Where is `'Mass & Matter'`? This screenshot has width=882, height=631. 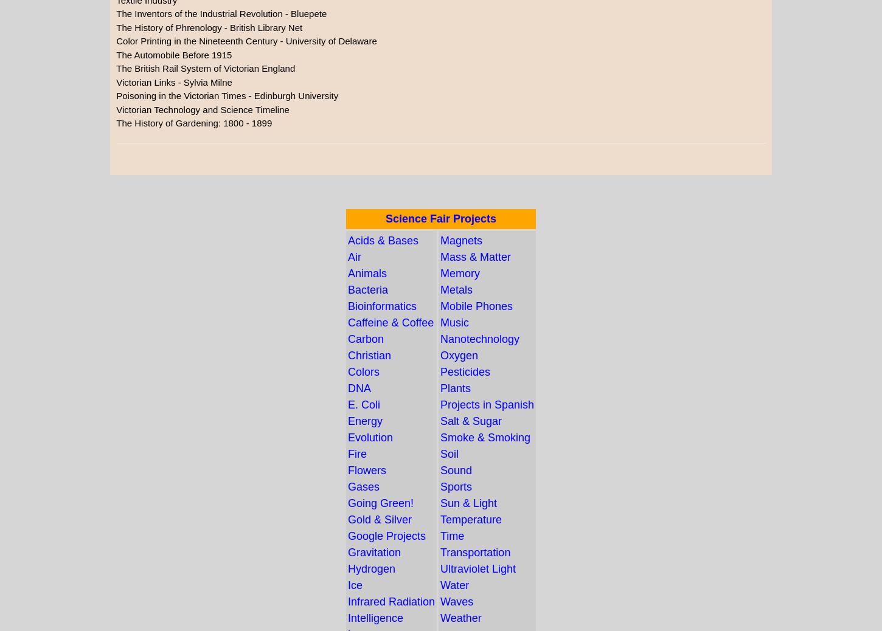 'Mass & Matter' is located at coordinates (475, 257).